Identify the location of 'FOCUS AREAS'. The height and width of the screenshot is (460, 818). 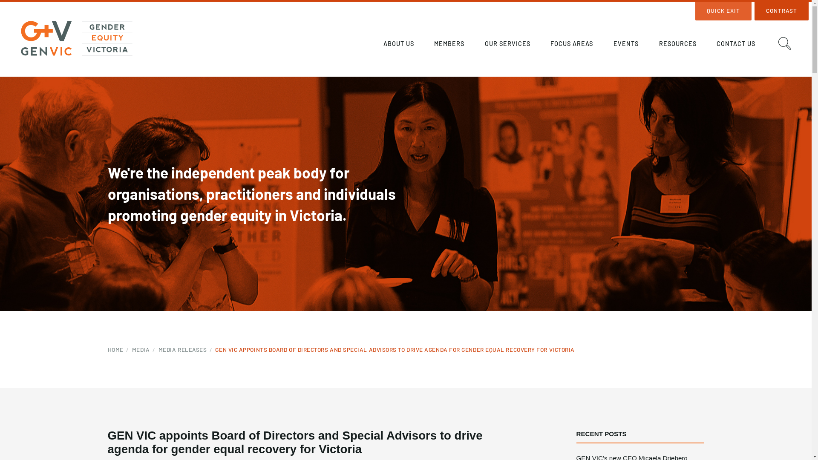
(541, 45).